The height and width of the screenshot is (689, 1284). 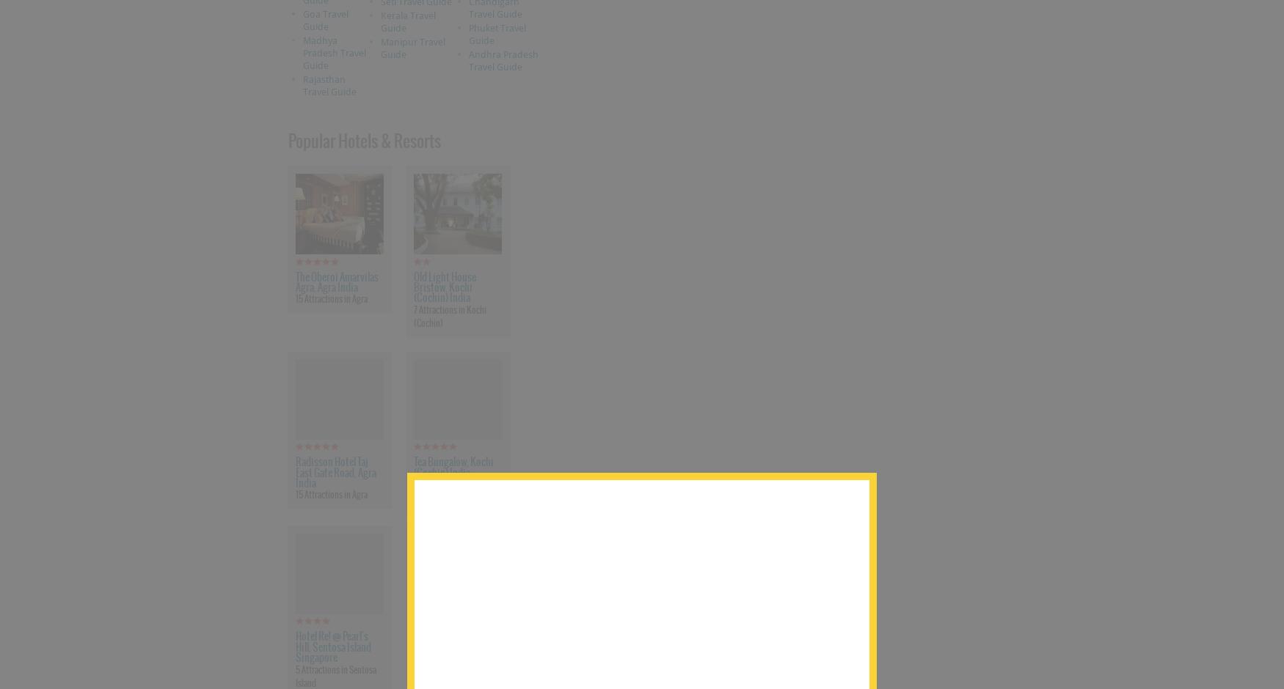 I want to click on 'Madhya Pradesh Travel Guide', so click(x=301, y=51).